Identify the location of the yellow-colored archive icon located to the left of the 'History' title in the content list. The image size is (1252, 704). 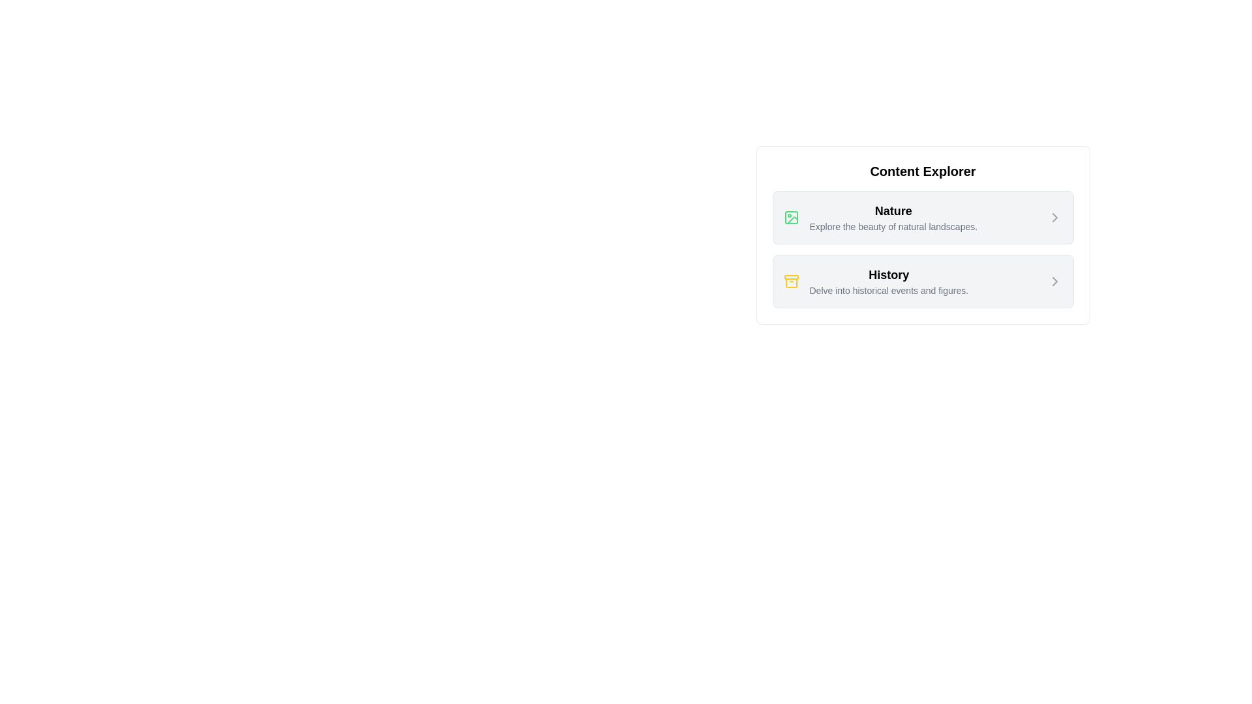
(790, 281).